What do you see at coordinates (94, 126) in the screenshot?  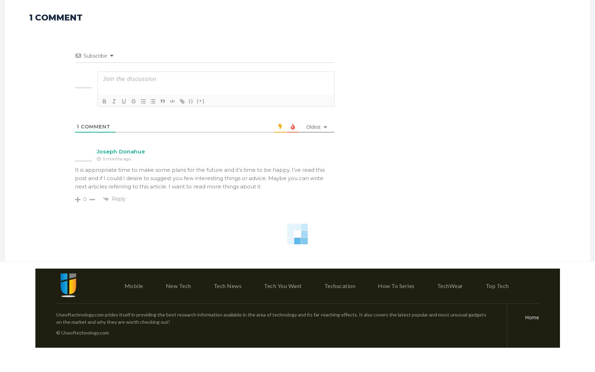 I see `'Comment'` at bounding box center [94, 126].